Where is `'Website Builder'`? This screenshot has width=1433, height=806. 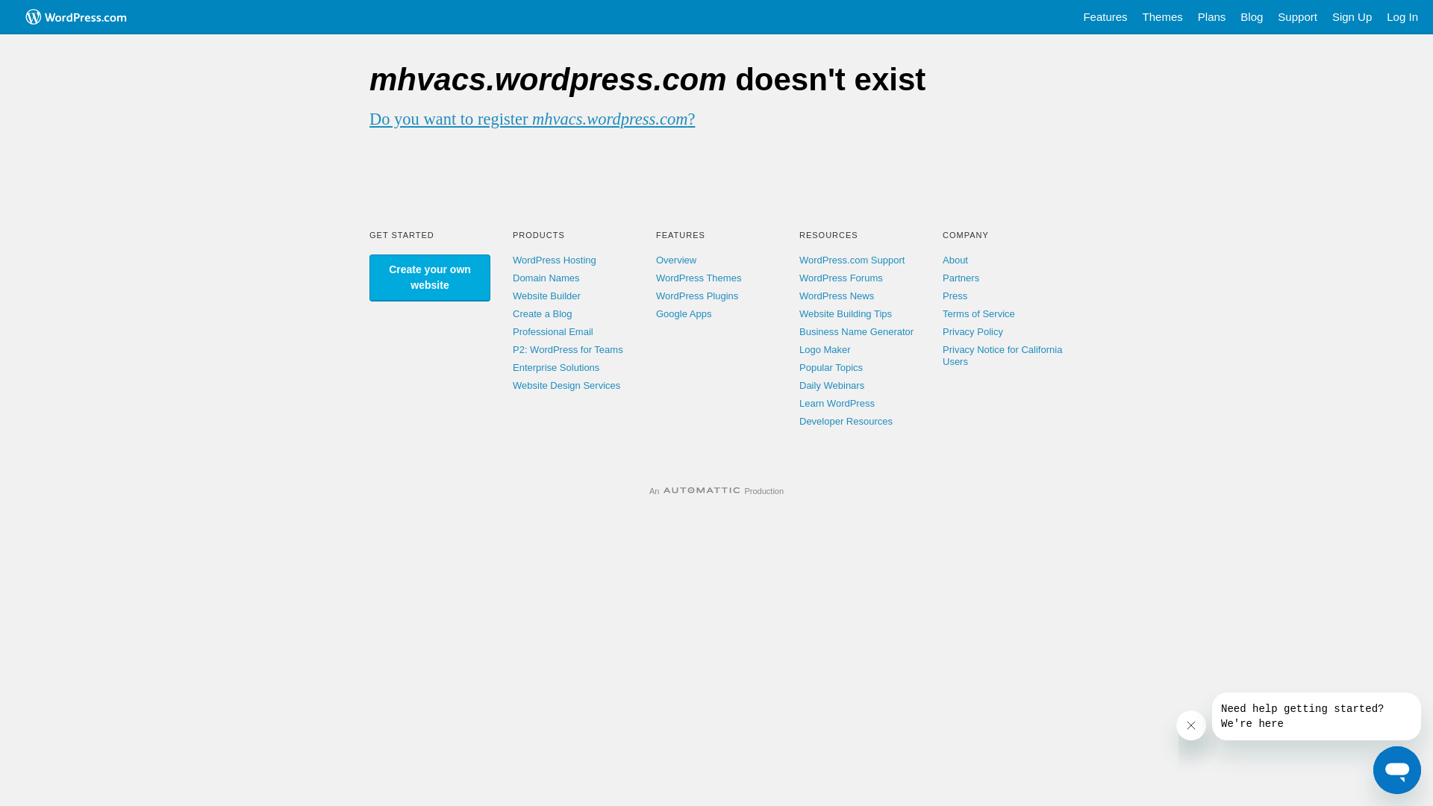
'Website Builder' is located at coordinates (512, 296).